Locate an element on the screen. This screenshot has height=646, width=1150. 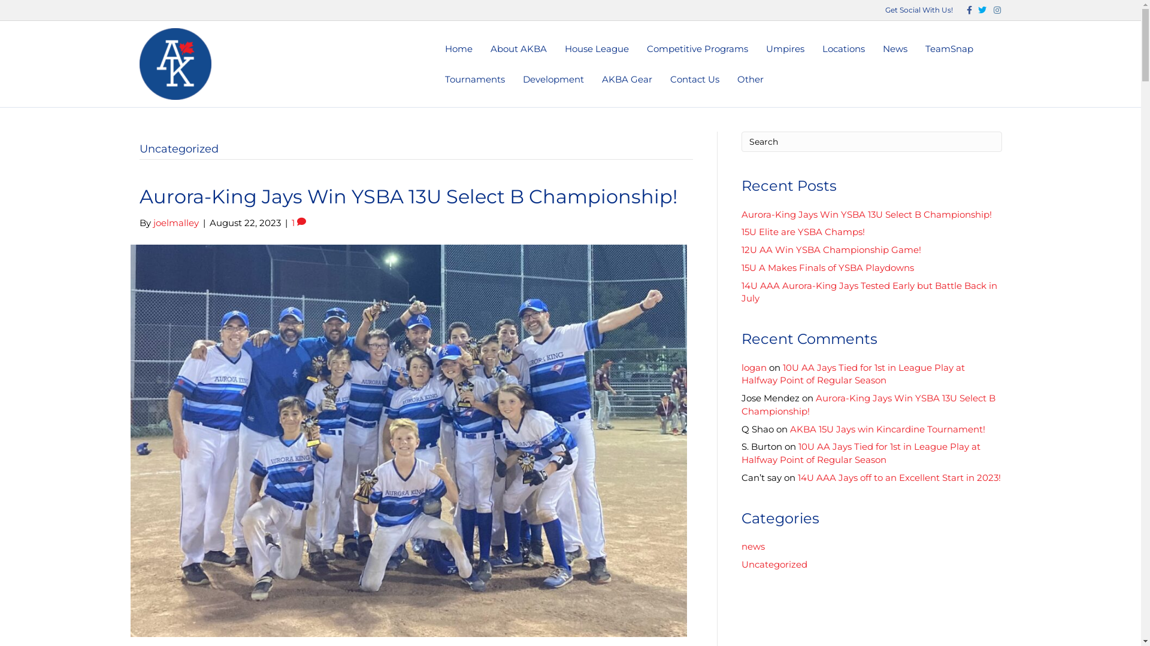
'Aurora-King Jays Win YSBA 13U Select B Championship!' is located at coordinates (868, 404).